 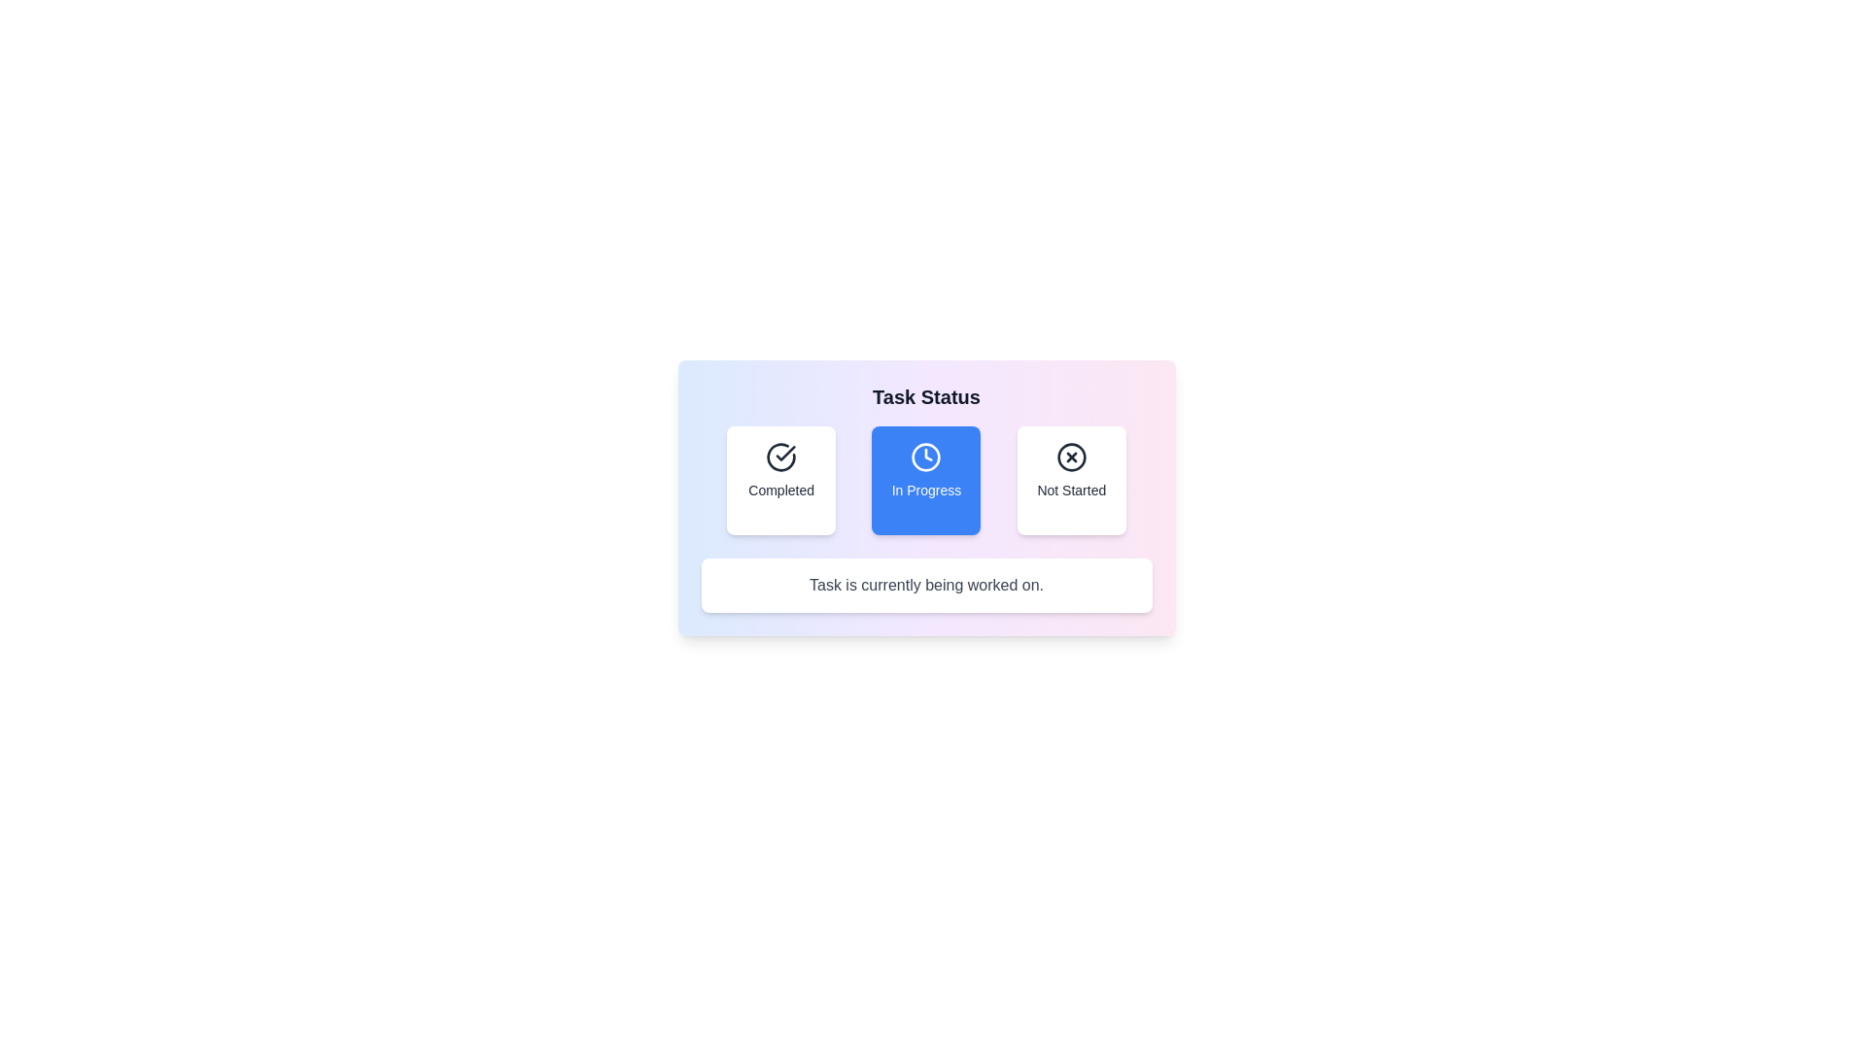 I want to click on the 'In Progress' button to select it and view the corresponding task description, so click(x=925, y=480).